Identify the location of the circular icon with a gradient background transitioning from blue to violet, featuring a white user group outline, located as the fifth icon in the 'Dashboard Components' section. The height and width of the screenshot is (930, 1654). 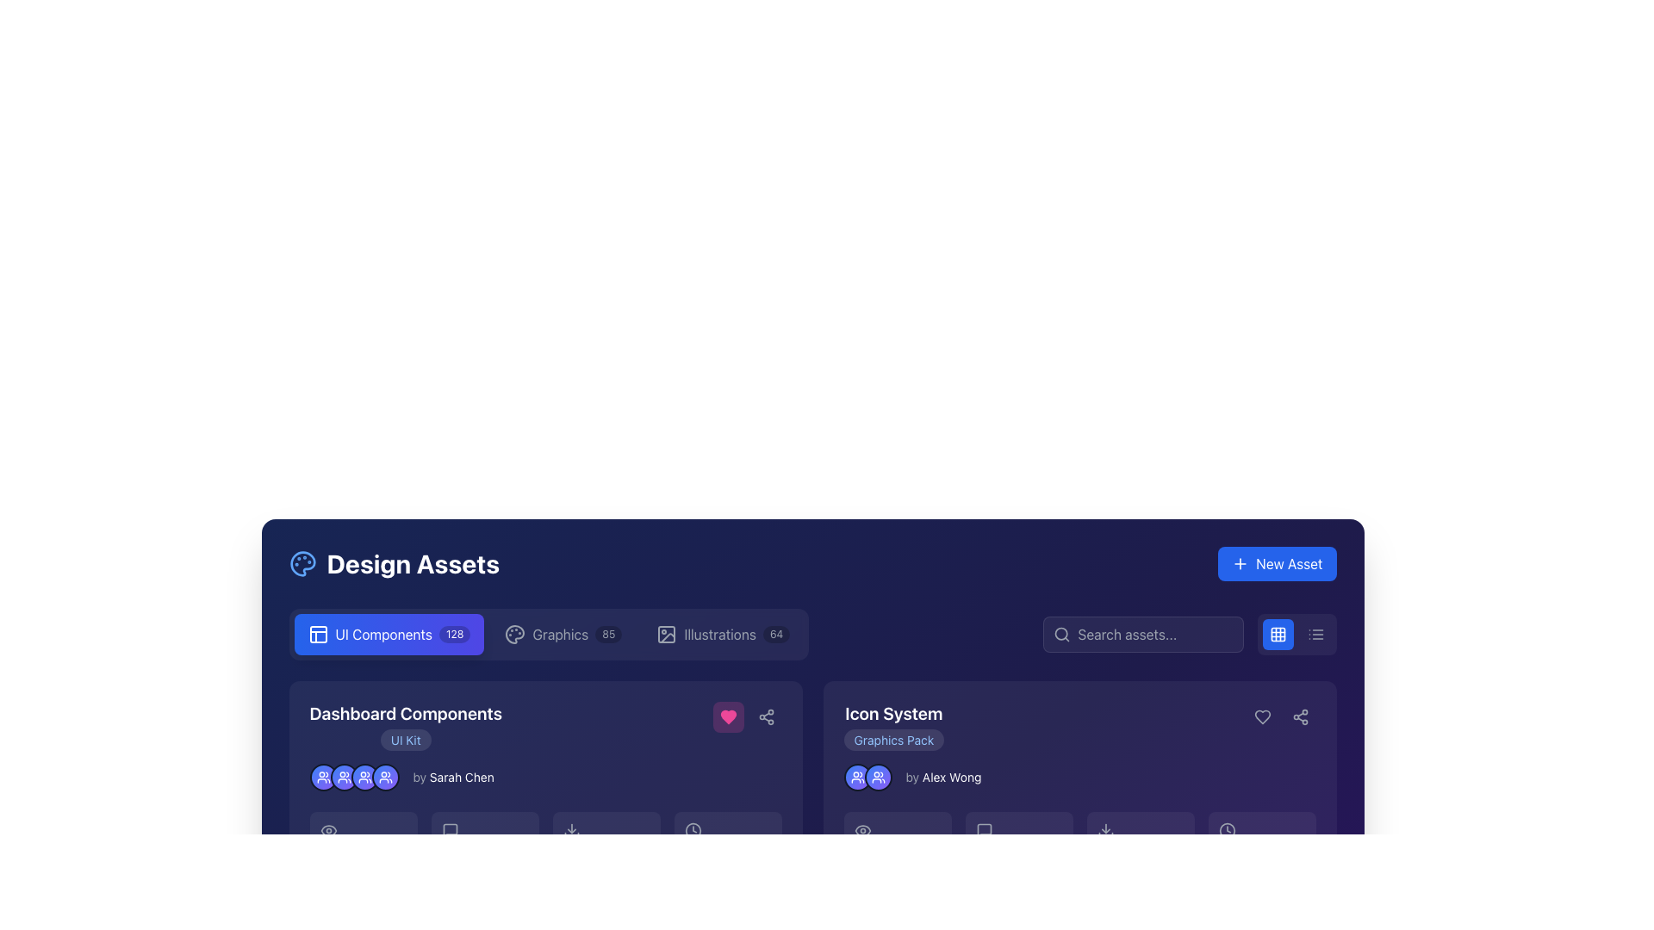
(384, 777).